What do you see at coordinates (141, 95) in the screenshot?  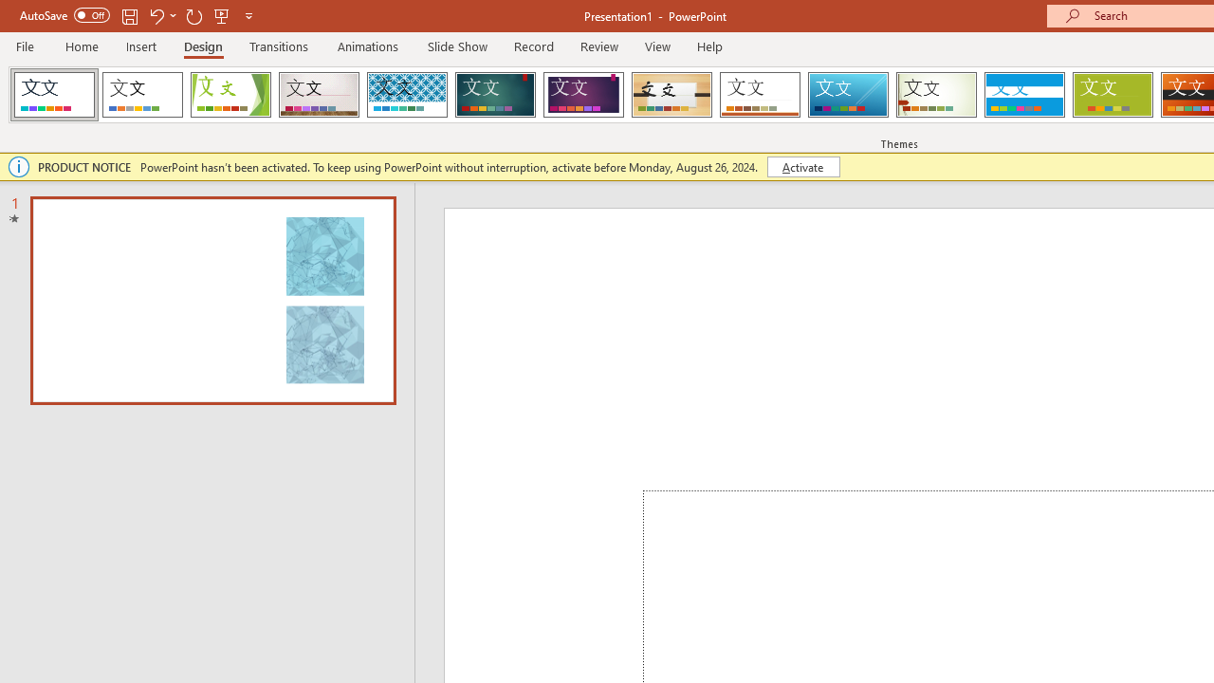 I see `'Office Theme'` at bounding box center [141, 95].